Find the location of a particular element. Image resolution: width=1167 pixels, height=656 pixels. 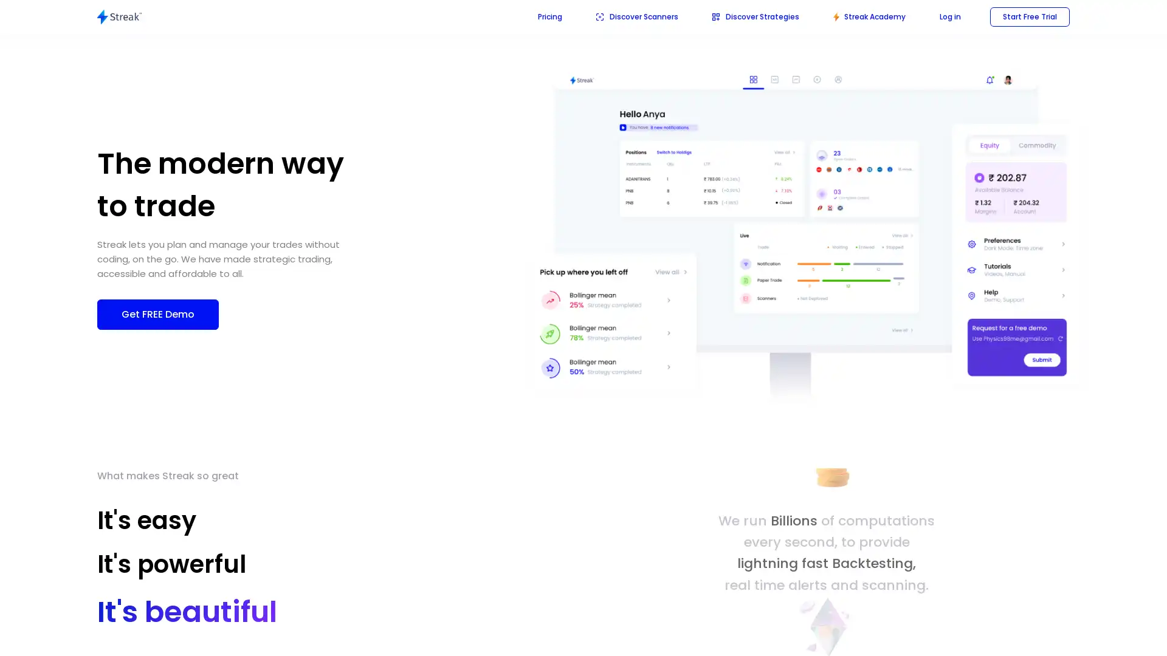

Discover Scanners is located at coordinates (636, 16).